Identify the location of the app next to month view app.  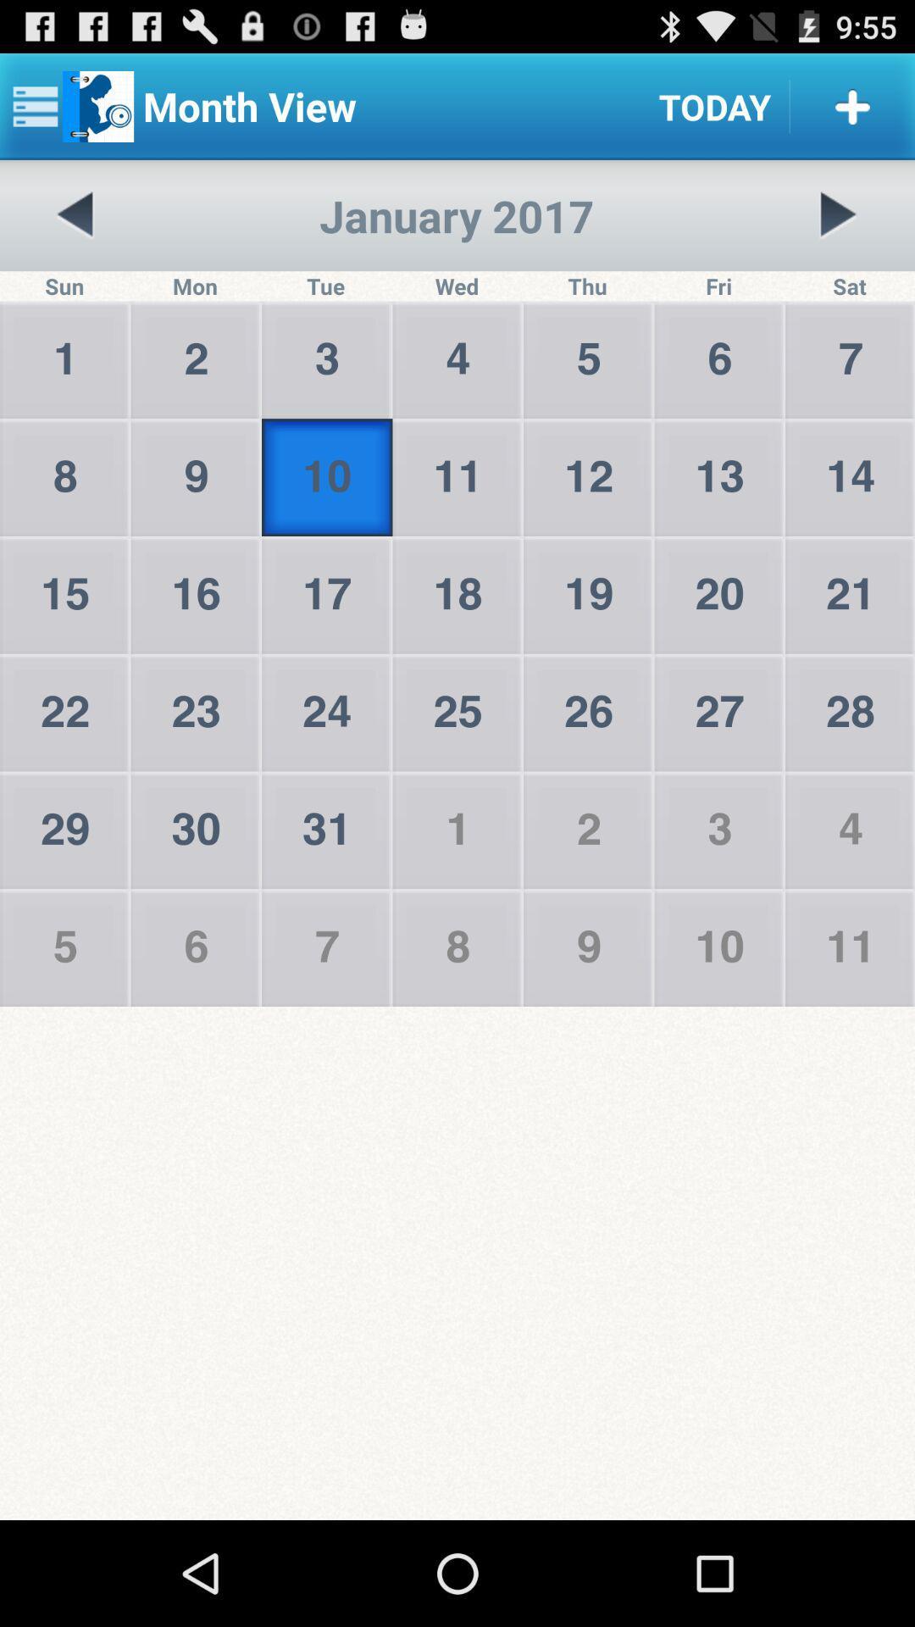
(715, 105).